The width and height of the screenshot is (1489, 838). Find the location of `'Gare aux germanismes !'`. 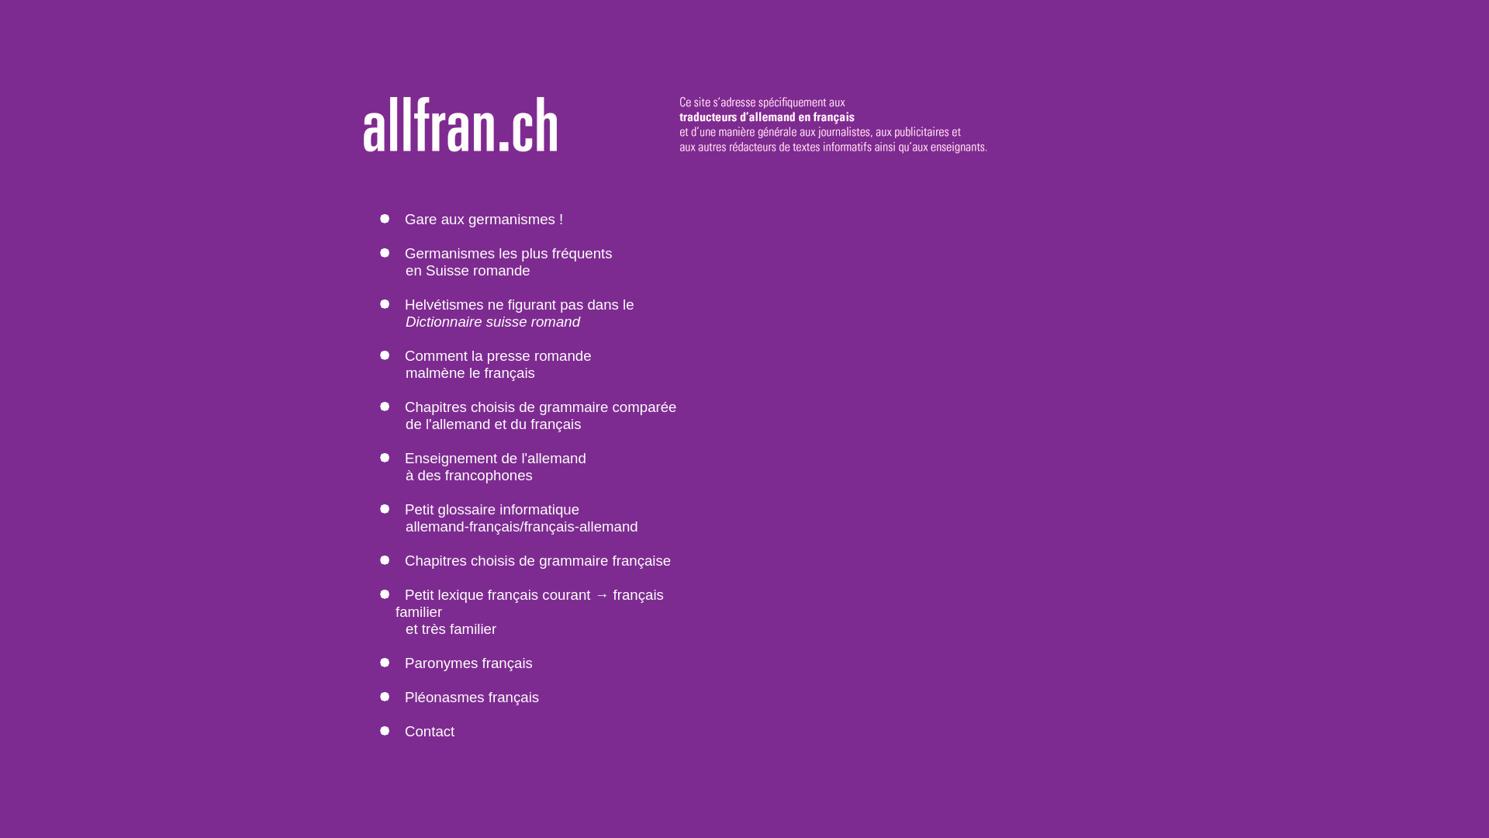

'Gare aux germanismes !' is located at coordinates (483, 219).